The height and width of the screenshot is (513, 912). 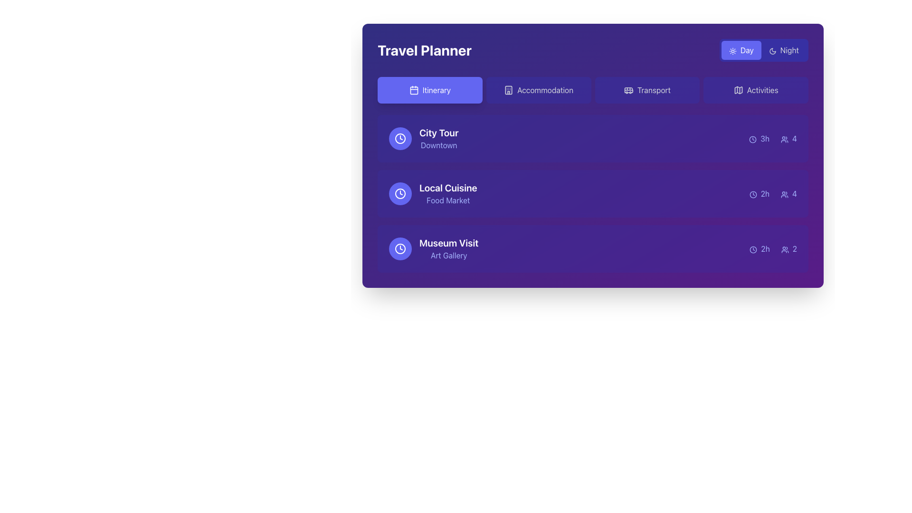 What do you see at coordinates (400, 248) in the screenshot?
I see `the circular clock icon located on the left side of the 'Museum Visit' text, which indicates time and participant count` at bounding box center [400, 248].